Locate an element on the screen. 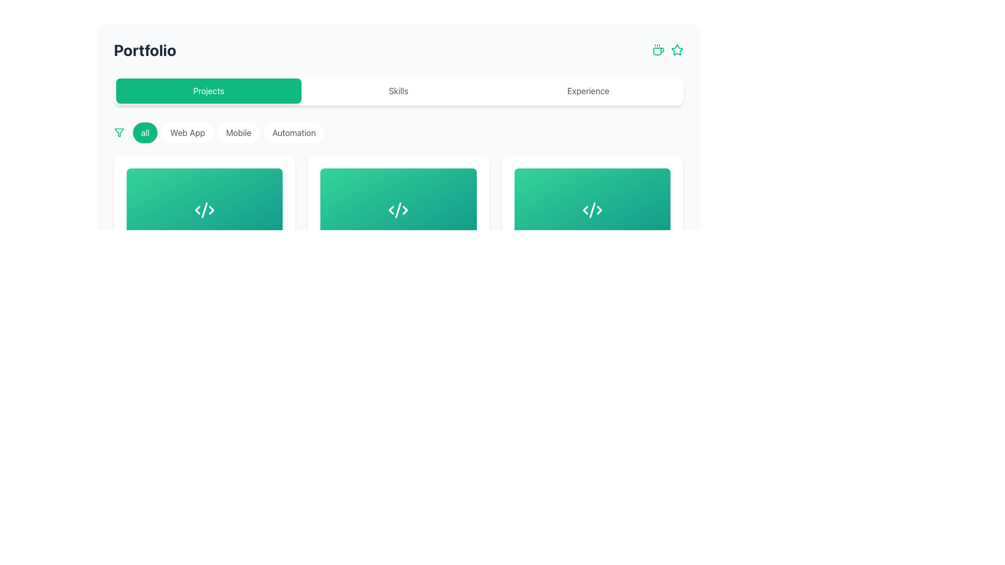  the 'Automation' filter button, which is the fourth button among four similar buttons ('all', 'Web App', 'Mobile', and 'Automation') located in the top-center section of the interface is located at coordinates (293, 132).